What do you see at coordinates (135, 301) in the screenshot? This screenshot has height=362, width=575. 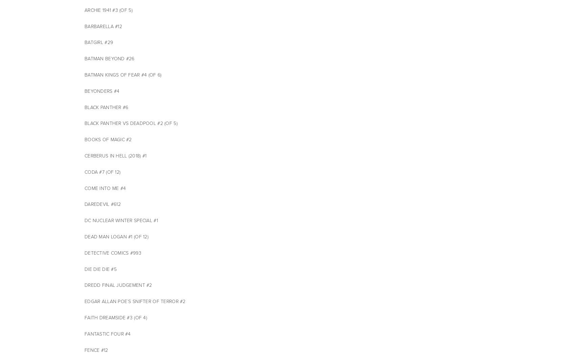 I see `'EDGAR ALLAN POE`S SNIFTER OF TERROR #2'` at bounding box center [135, 301].